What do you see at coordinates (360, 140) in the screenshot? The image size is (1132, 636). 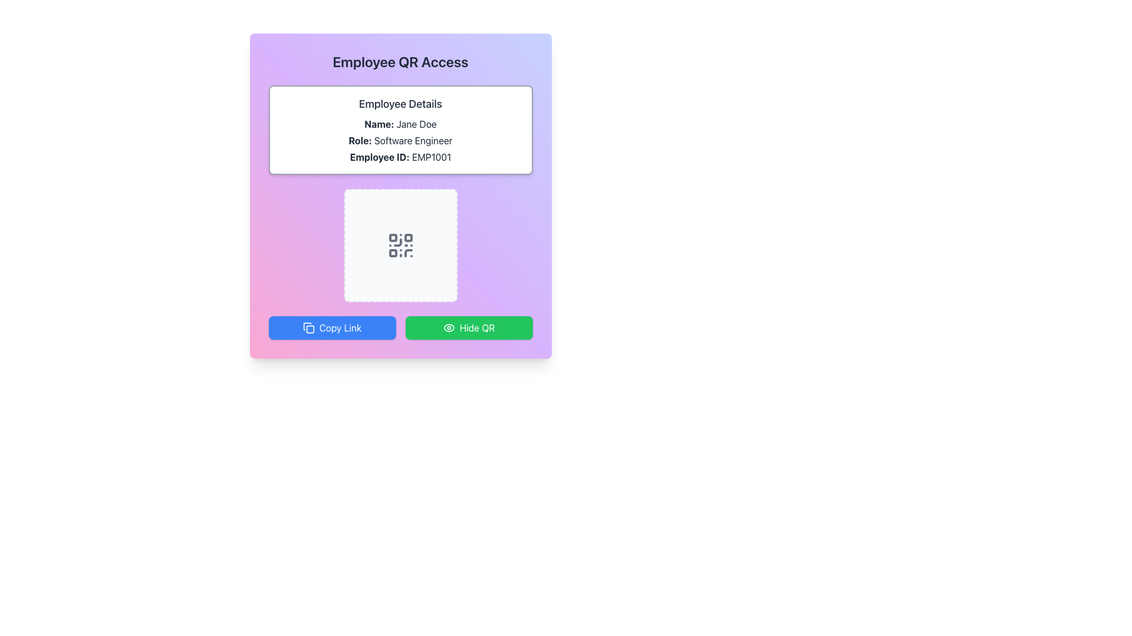 I see `the static text label that serves as a heading for the employee's role, positioned before 'Software Engineer' in the employee details section` at bounding box center [360, 140].